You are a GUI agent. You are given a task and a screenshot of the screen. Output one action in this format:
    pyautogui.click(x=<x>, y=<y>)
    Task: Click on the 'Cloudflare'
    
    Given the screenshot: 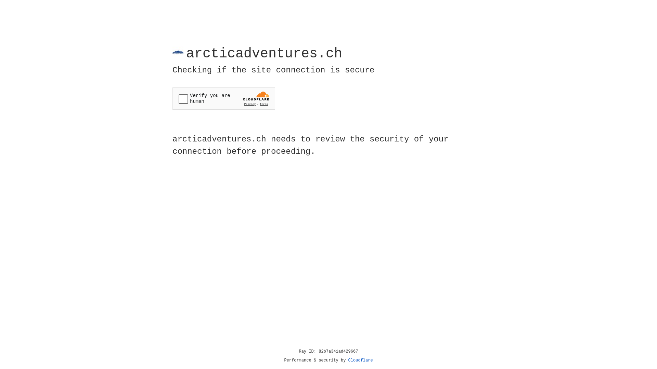 What is the action you would take?
    pyautogui.click(x=360, y=360)
    